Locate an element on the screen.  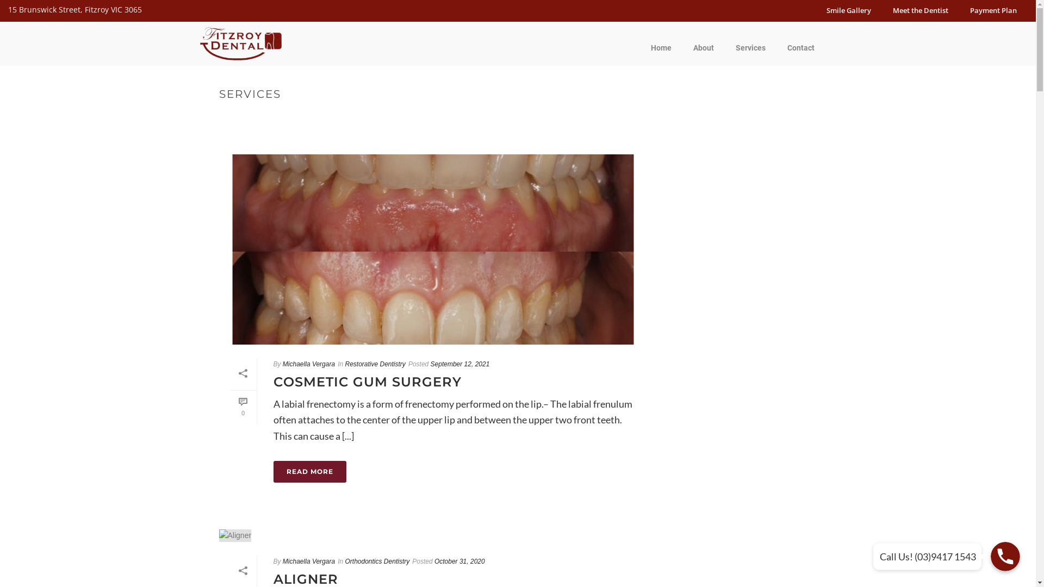
'Orthodontics Dentistry' is located at coordinates (377, 561).